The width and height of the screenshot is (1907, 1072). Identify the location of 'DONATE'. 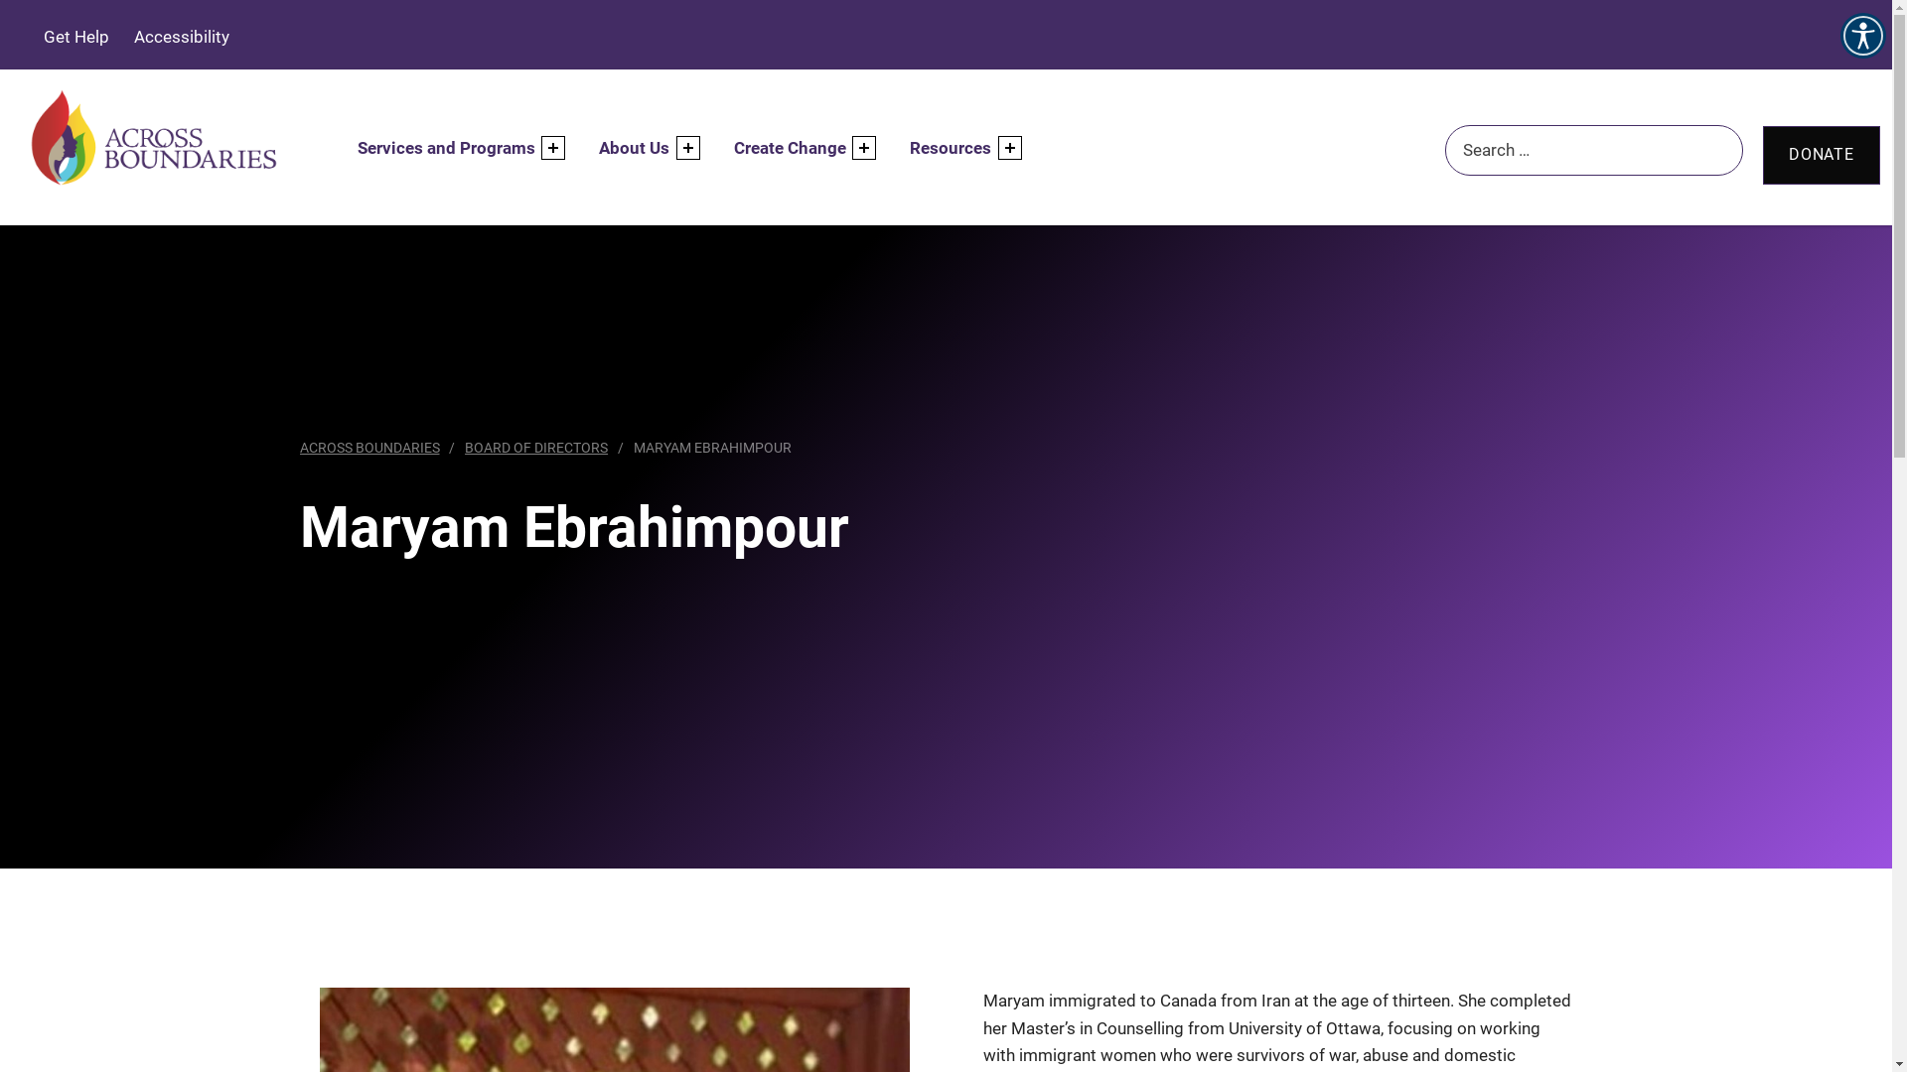
(1821, 154).